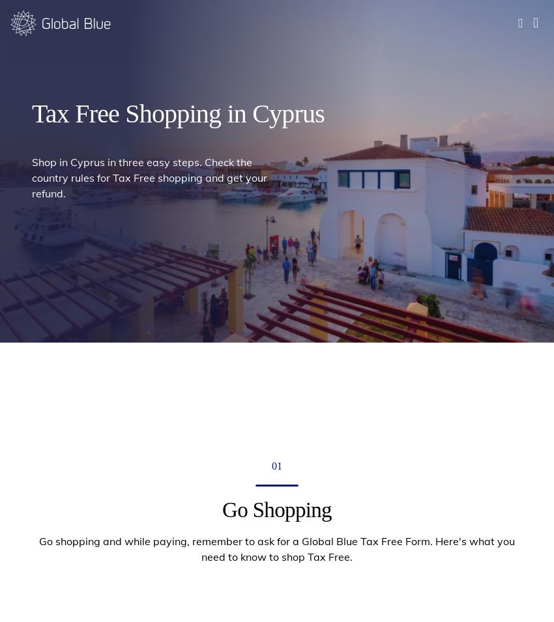 The width and height of the screenshot is (554, 622). What do you see at coordinates (89, 298) in the screenshot?
I see `'Printed Tax Free Forms validated by Customs and original receipt must be sent to:'` at bounding box center [89, 298].